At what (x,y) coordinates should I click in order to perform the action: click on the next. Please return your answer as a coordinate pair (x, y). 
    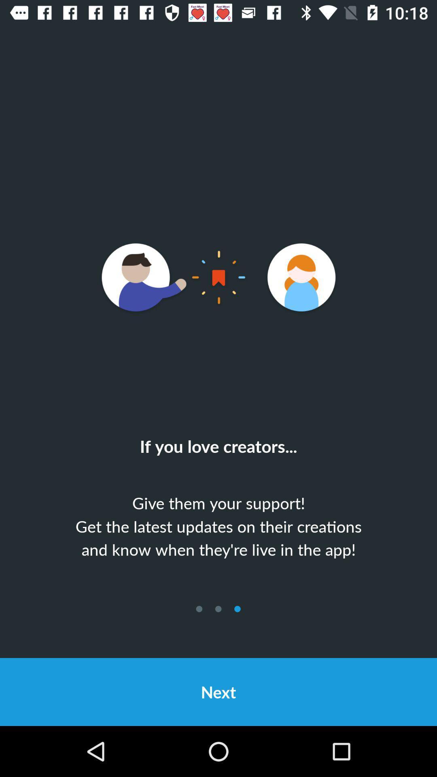
    Looking at the image, I should click on (218, 691).